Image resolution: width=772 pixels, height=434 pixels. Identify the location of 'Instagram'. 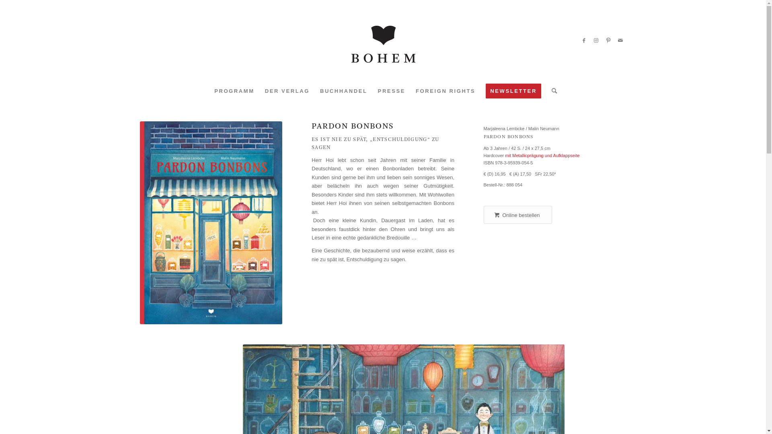
(590, 40).